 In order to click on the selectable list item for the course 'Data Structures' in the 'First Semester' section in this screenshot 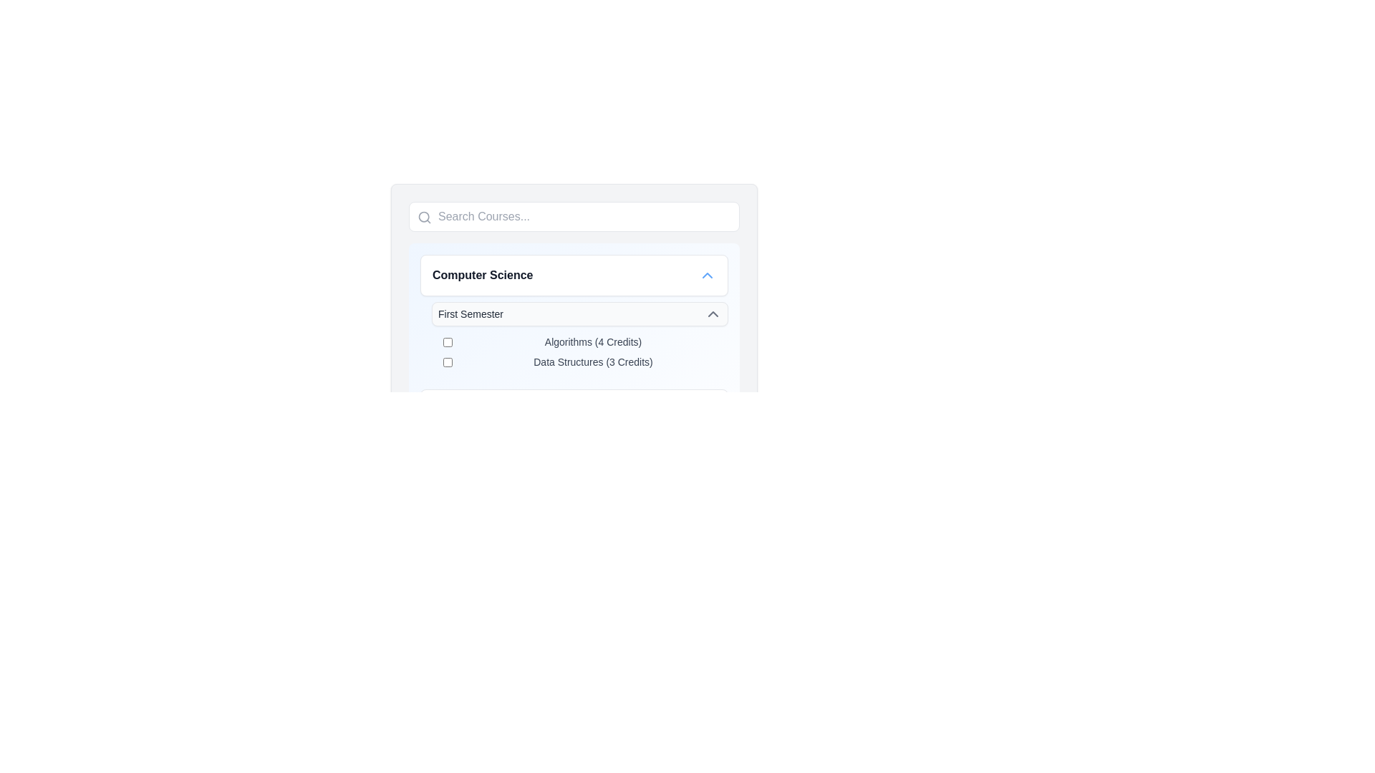, I will do `click(585, 361)`.